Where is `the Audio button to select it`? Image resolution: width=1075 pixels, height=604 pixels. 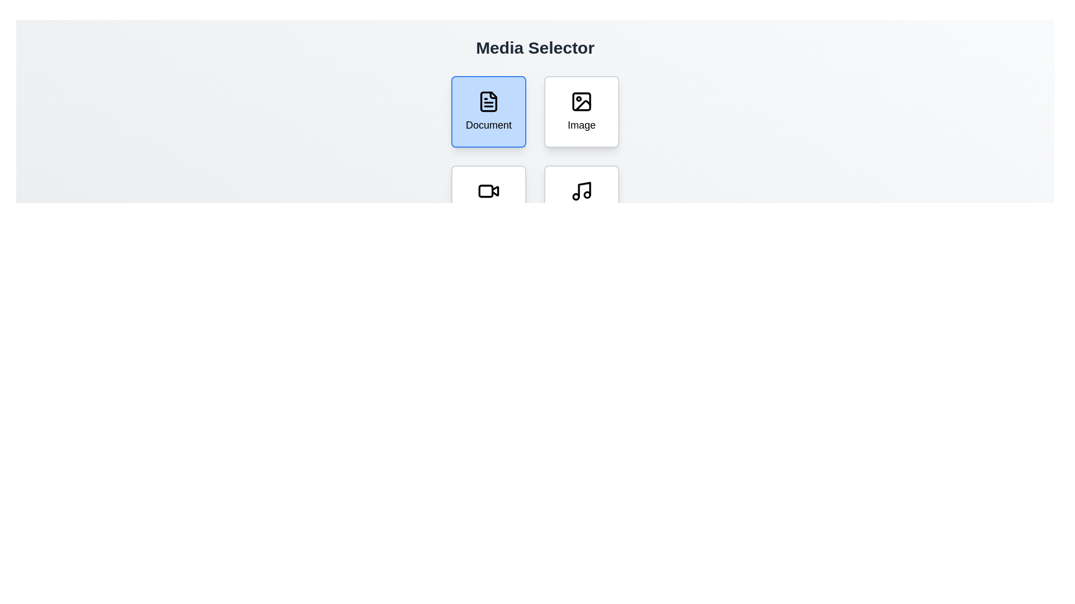
the Audio button to select it is located at coordinates (582, 200).